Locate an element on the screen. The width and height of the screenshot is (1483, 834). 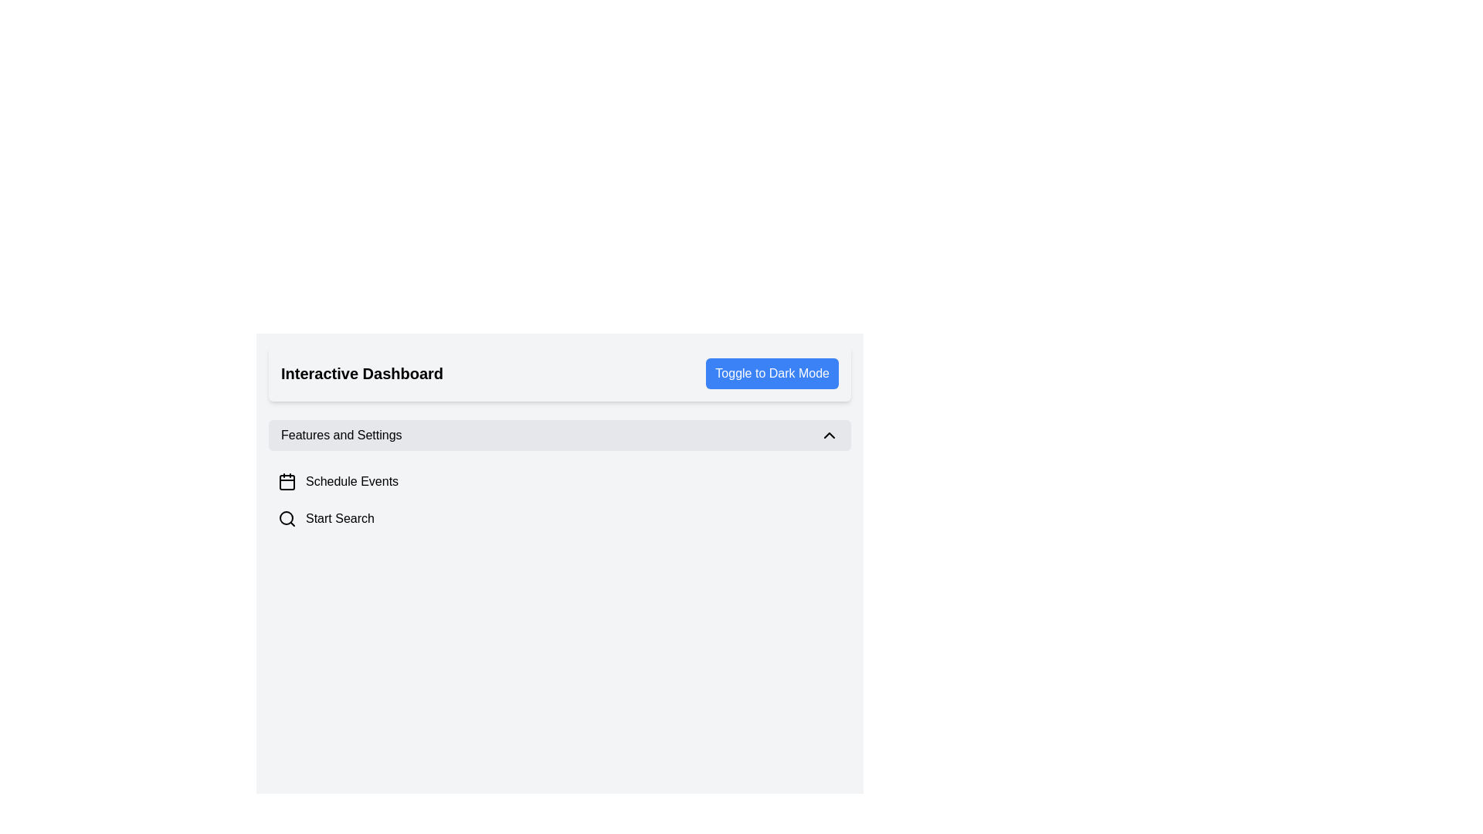
the search icon represented as a minimalist, outlined magnifying glass located to the immediate left of the 'Start Search' text in the 'Features and Settings' section is located at coordinates (287, 518).